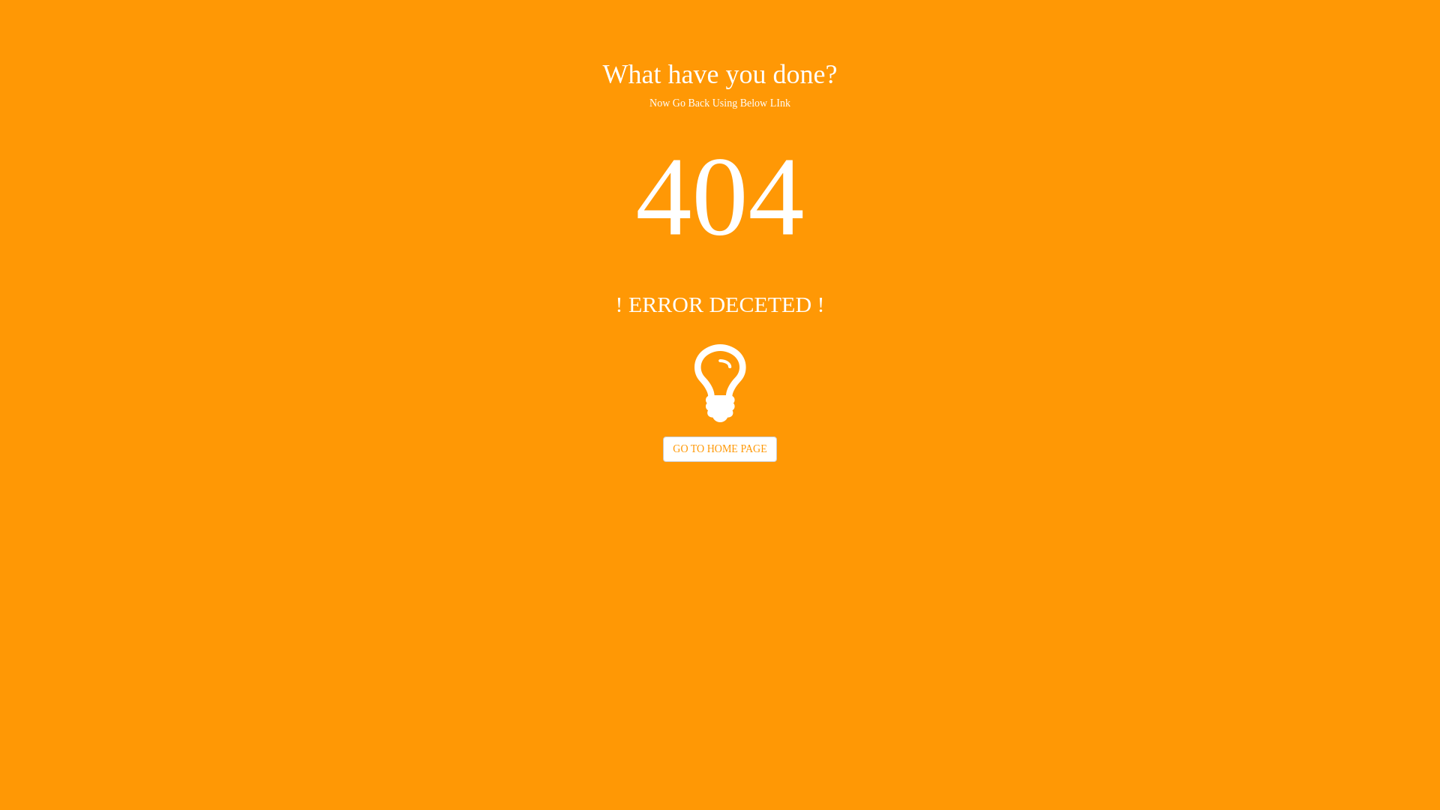  I want to click on 'GO TO HOME PAGE', so click(718, 448).